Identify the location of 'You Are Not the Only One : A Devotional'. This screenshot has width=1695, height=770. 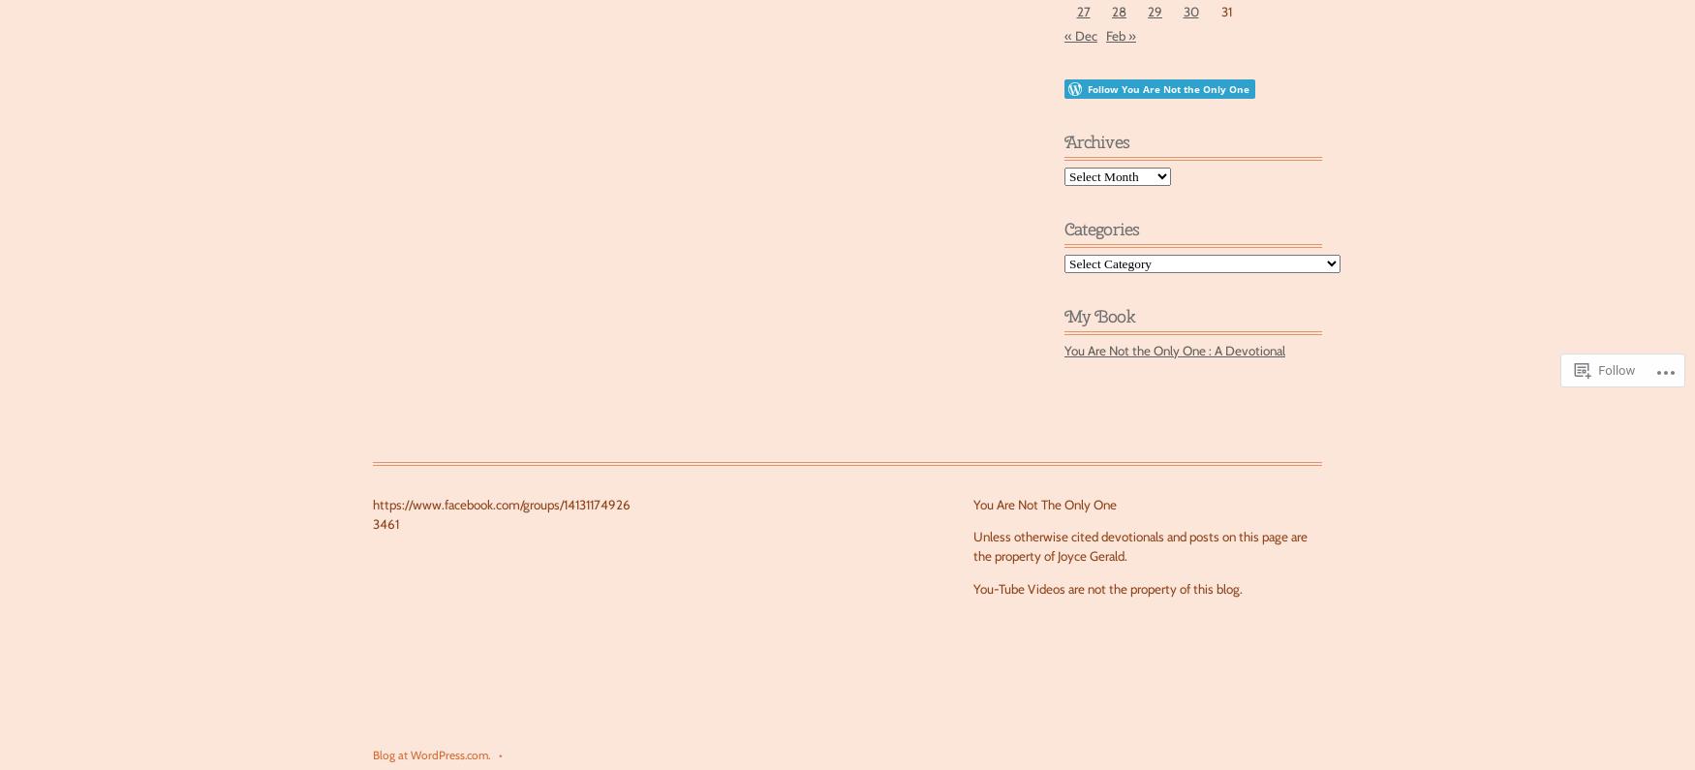
(1174, 350).